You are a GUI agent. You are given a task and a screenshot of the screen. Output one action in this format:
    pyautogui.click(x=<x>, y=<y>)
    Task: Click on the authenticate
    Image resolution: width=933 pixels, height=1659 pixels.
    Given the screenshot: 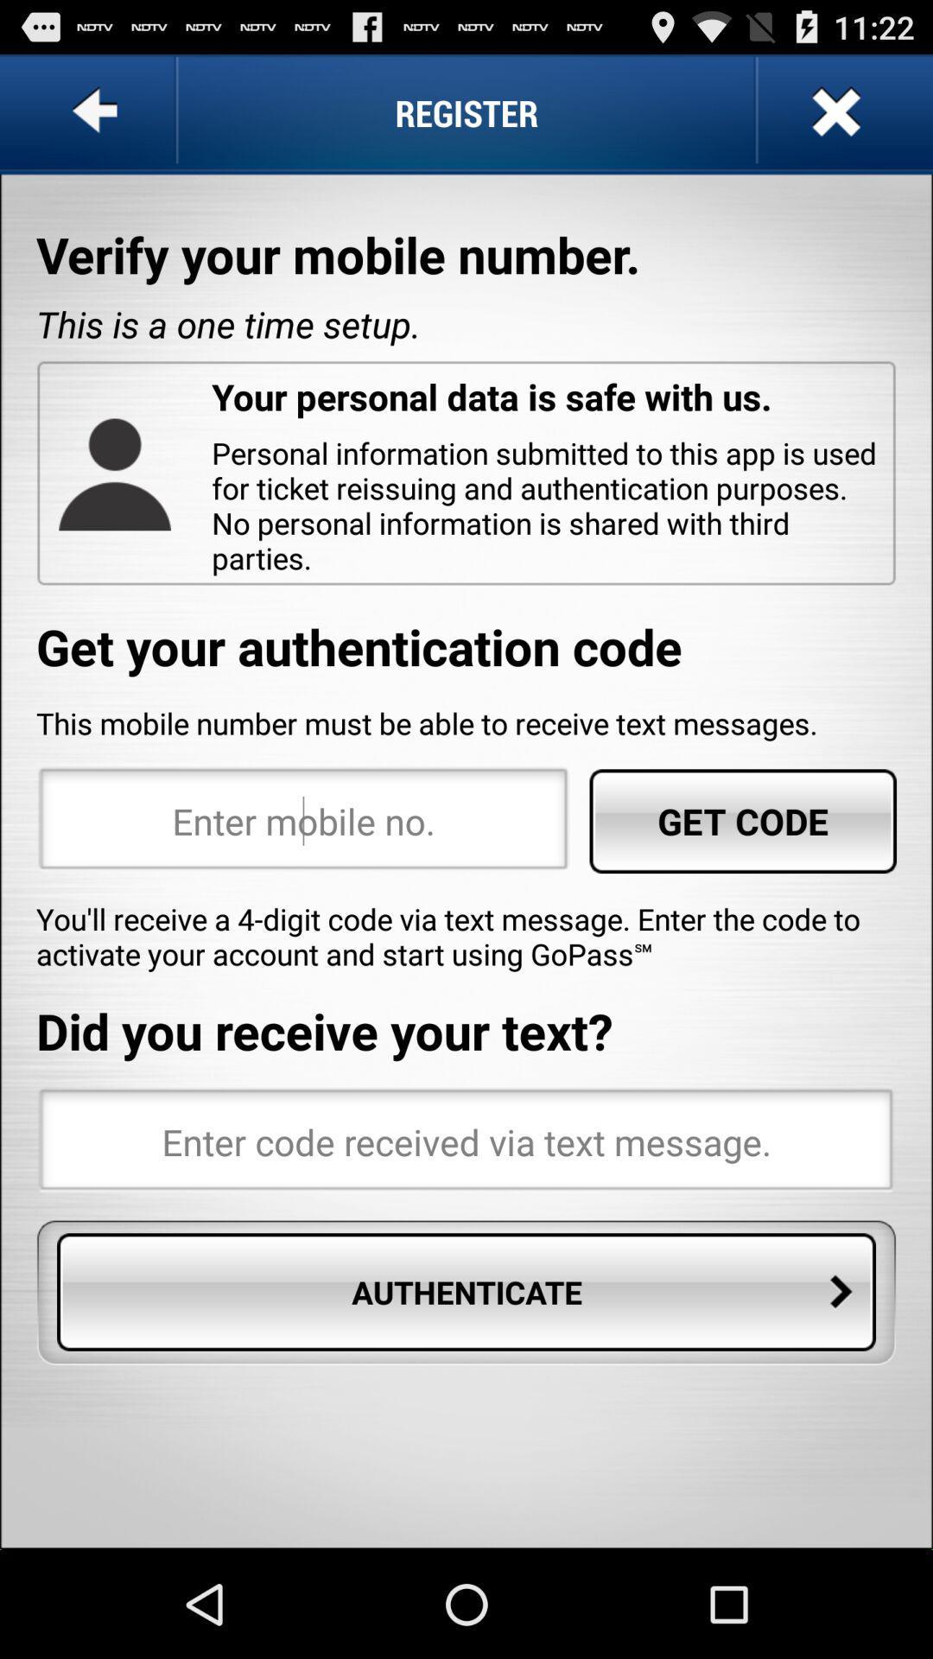 What is the action you would take?
    pyautogui.click(x=466, y=1292)
    